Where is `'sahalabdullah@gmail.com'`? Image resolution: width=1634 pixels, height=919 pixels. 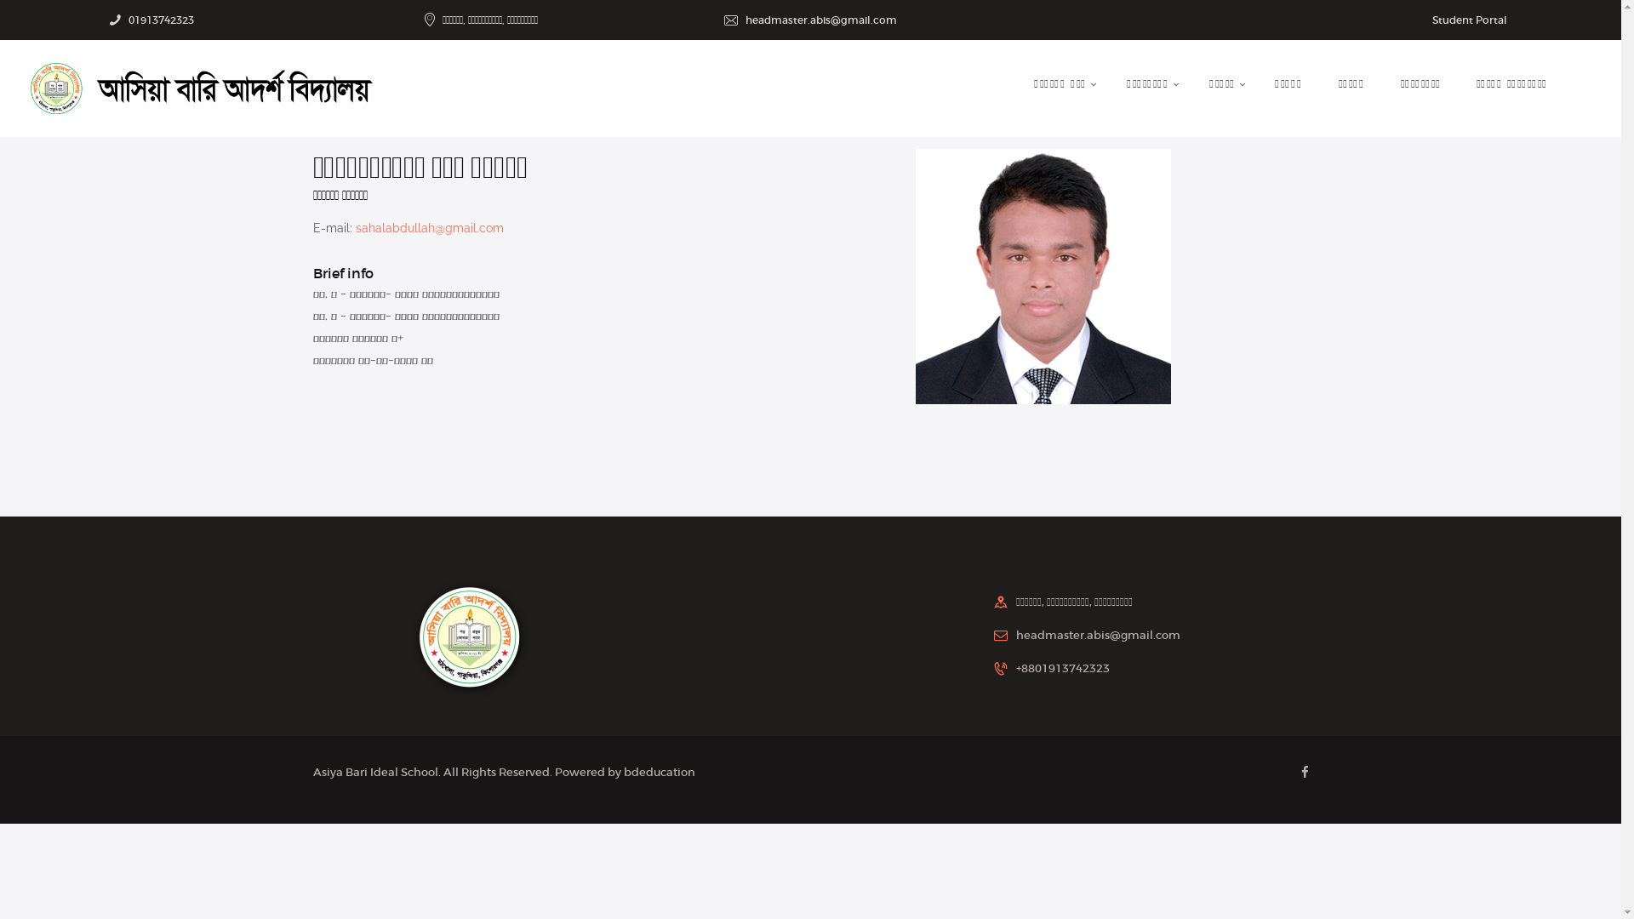 'sahalabdullah@gmail.com' is located at coordinates (429, 226).